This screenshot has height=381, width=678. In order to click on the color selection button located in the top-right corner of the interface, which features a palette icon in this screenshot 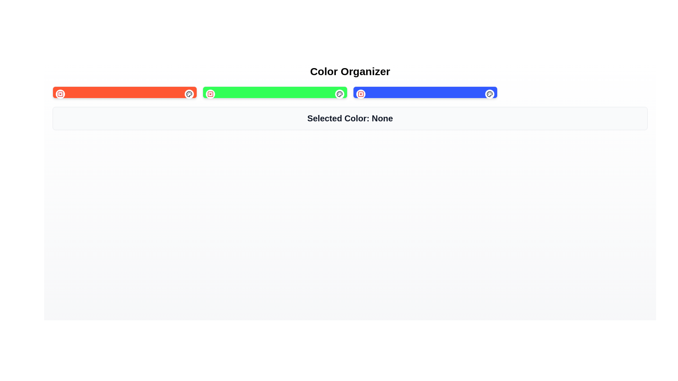, I will do `click(189, 93)`.